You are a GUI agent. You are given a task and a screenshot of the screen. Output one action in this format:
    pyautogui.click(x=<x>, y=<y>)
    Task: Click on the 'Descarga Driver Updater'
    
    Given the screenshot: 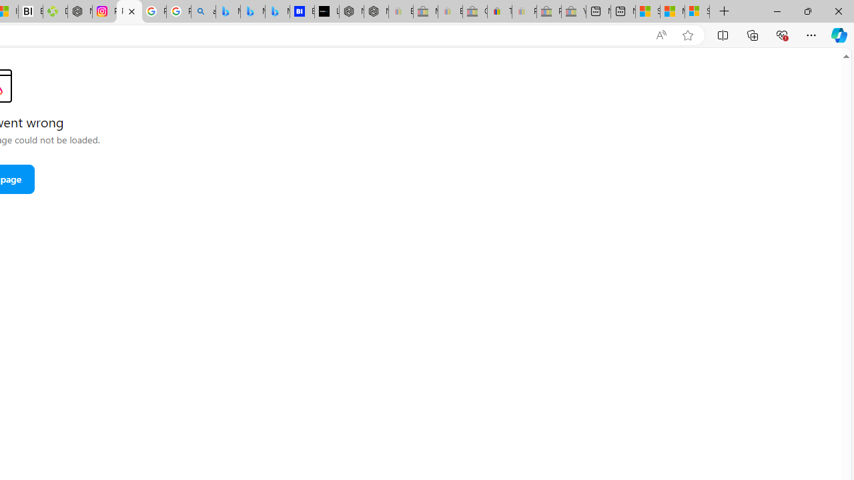 What is the action you would take?
    pyautogui.click(x=55, y=11)
    